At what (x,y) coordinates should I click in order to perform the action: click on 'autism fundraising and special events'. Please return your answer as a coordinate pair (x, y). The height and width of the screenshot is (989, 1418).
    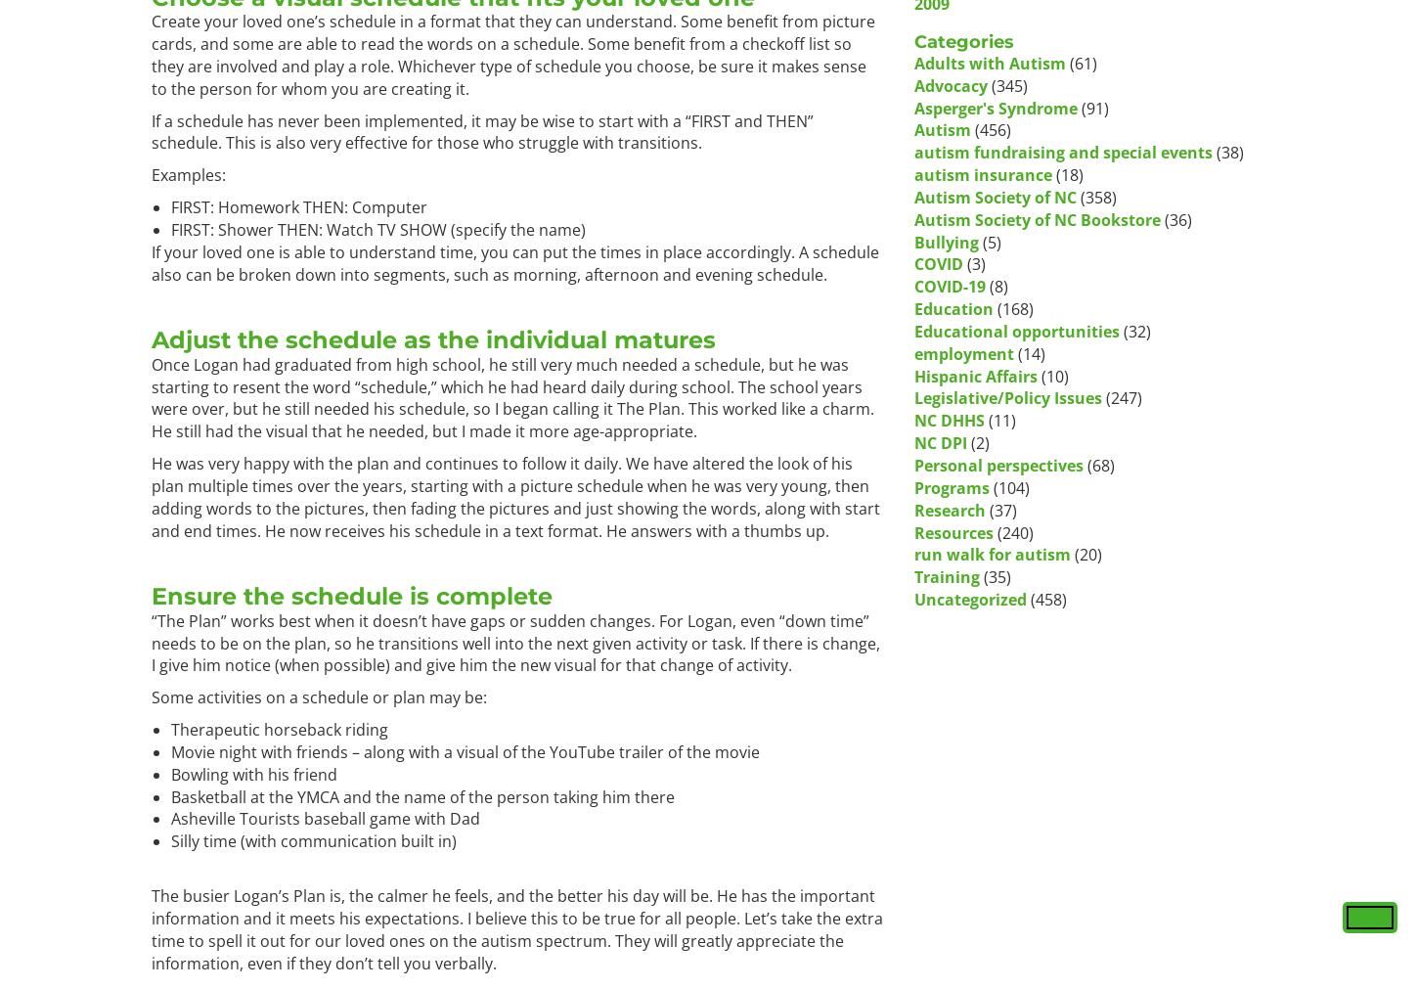
    Looking at the image, I should click on (1063, 151).